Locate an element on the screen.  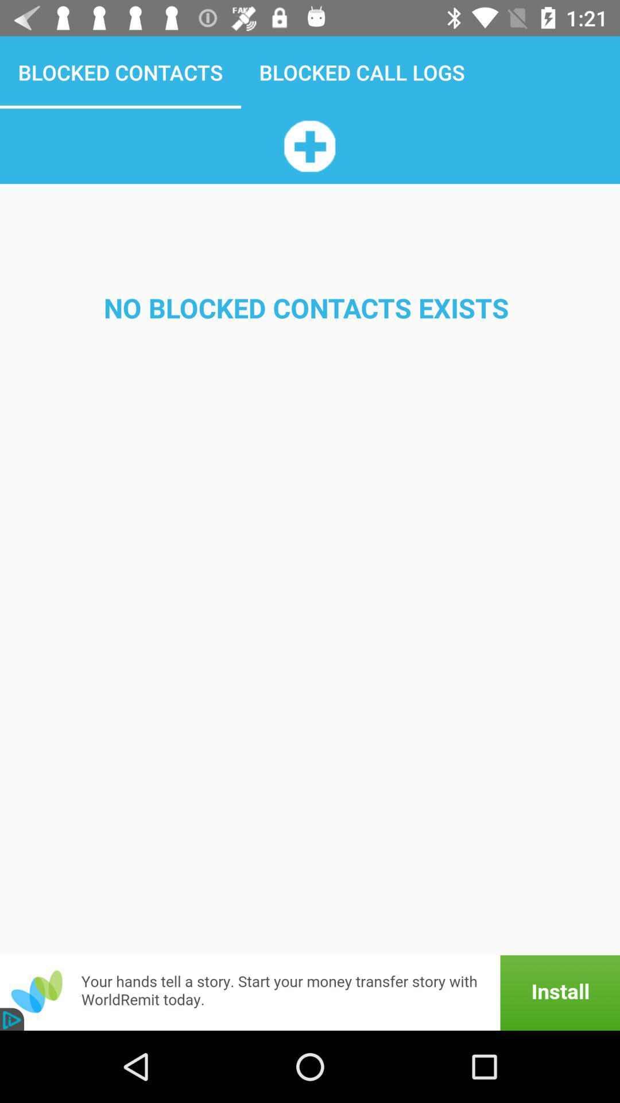
add option is located at coordinates (309, 145).